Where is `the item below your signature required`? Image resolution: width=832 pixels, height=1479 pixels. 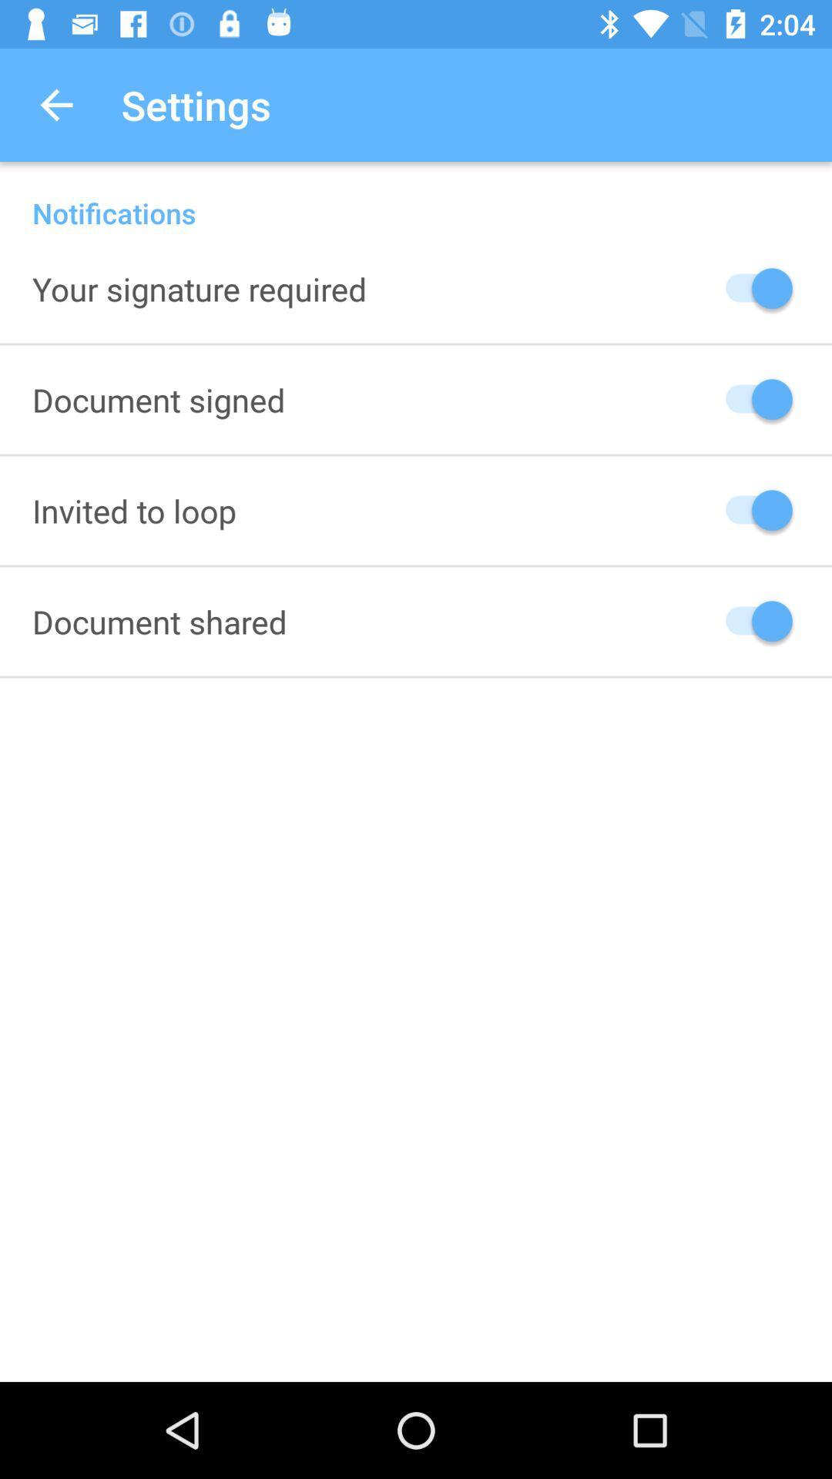
the item below your signature required is located at coordinates (159, 399).